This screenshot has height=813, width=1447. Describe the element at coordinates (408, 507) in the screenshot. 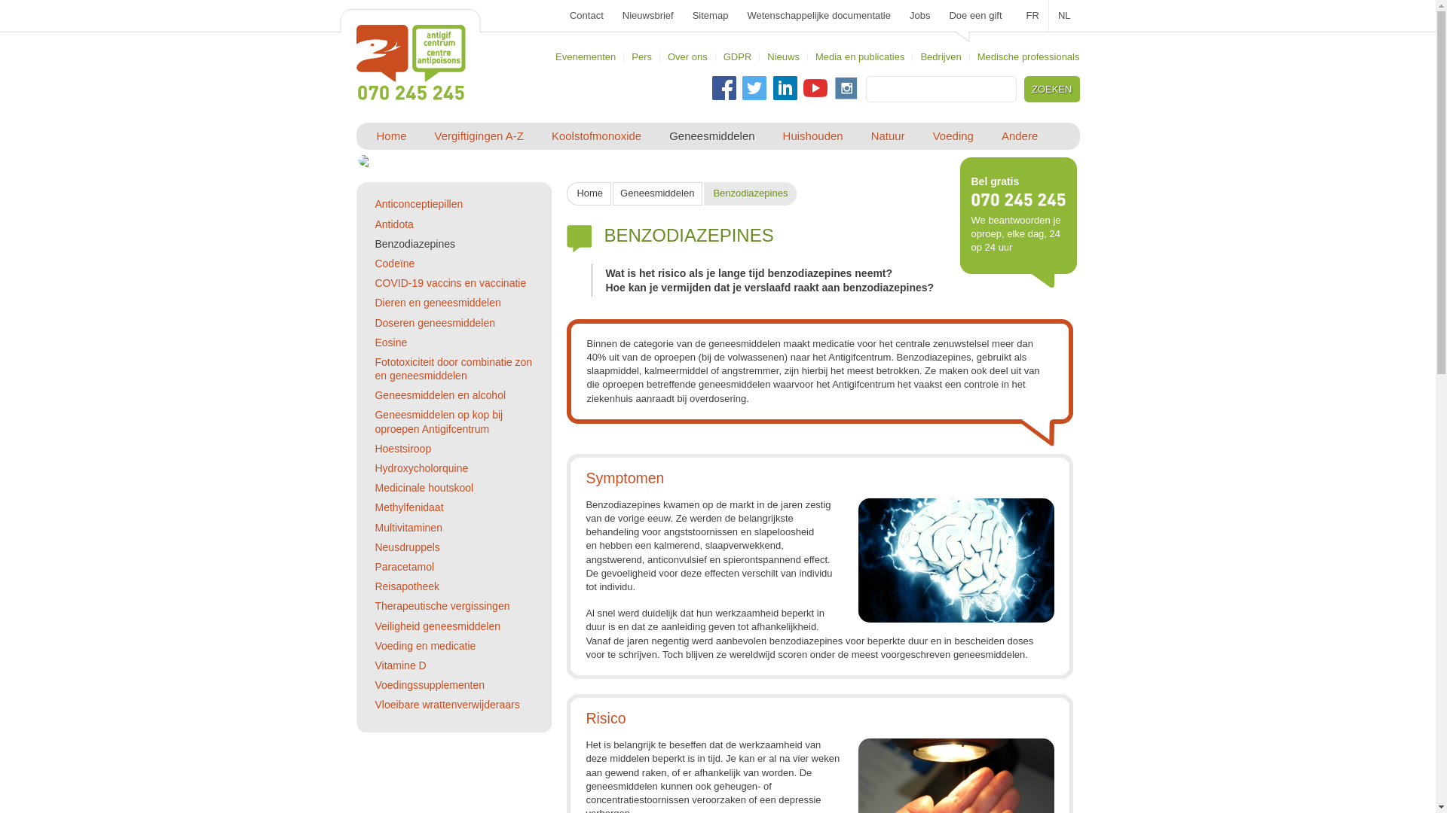

I see `'Methylfenidaat'` at that location.